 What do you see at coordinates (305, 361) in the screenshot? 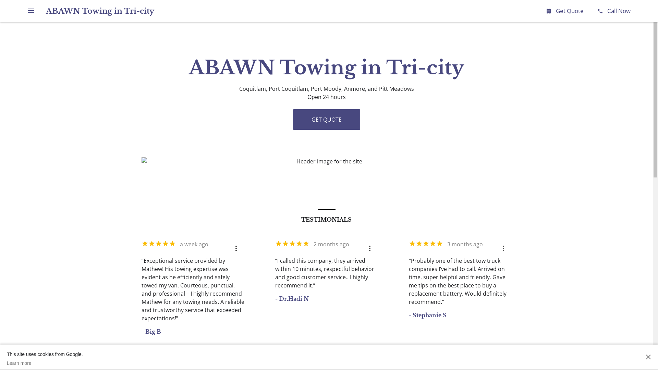
I see `'WRITE A REVIEW'` at bounding box center [305, 361].